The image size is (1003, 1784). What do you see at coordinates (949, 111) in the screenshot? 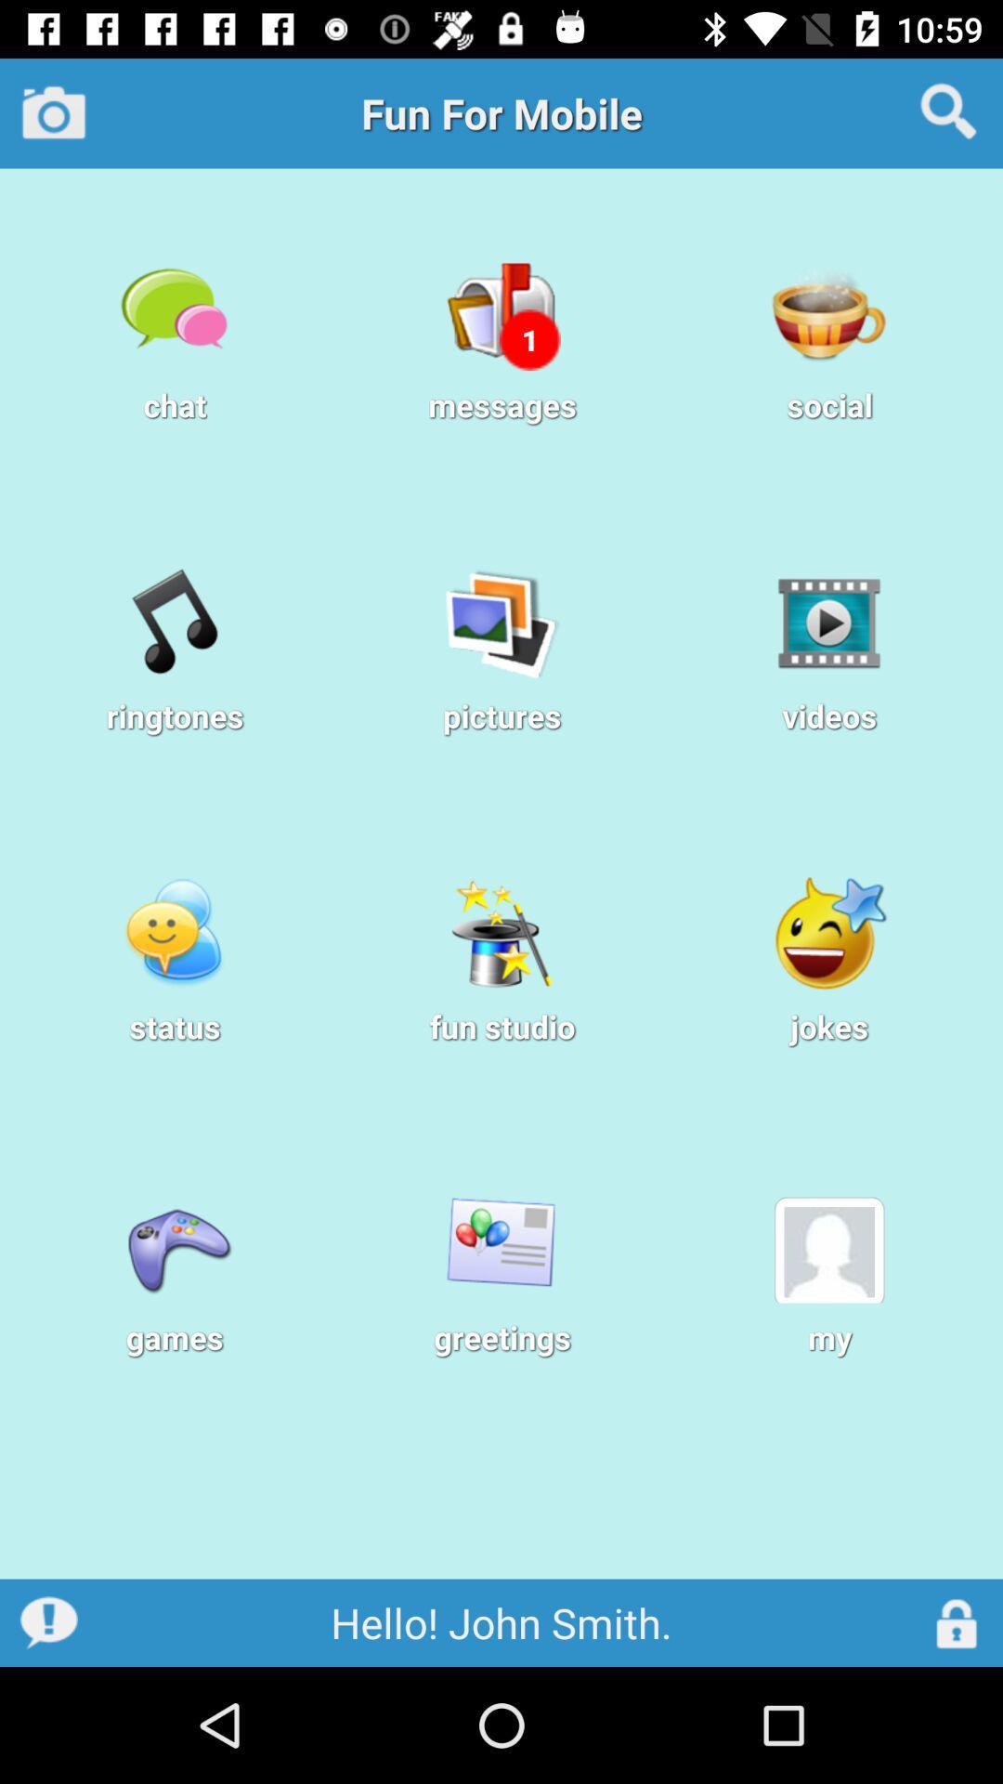
I see `the icon at the top right corner of the page` at bounding box center [949, 111].